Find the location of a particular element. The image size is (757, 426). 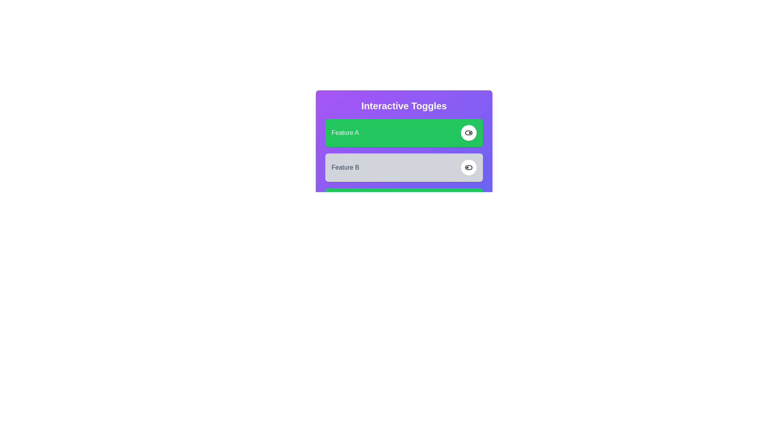

the title text 'Interactive Toggles' for copying is located at coordinates (404, 106).